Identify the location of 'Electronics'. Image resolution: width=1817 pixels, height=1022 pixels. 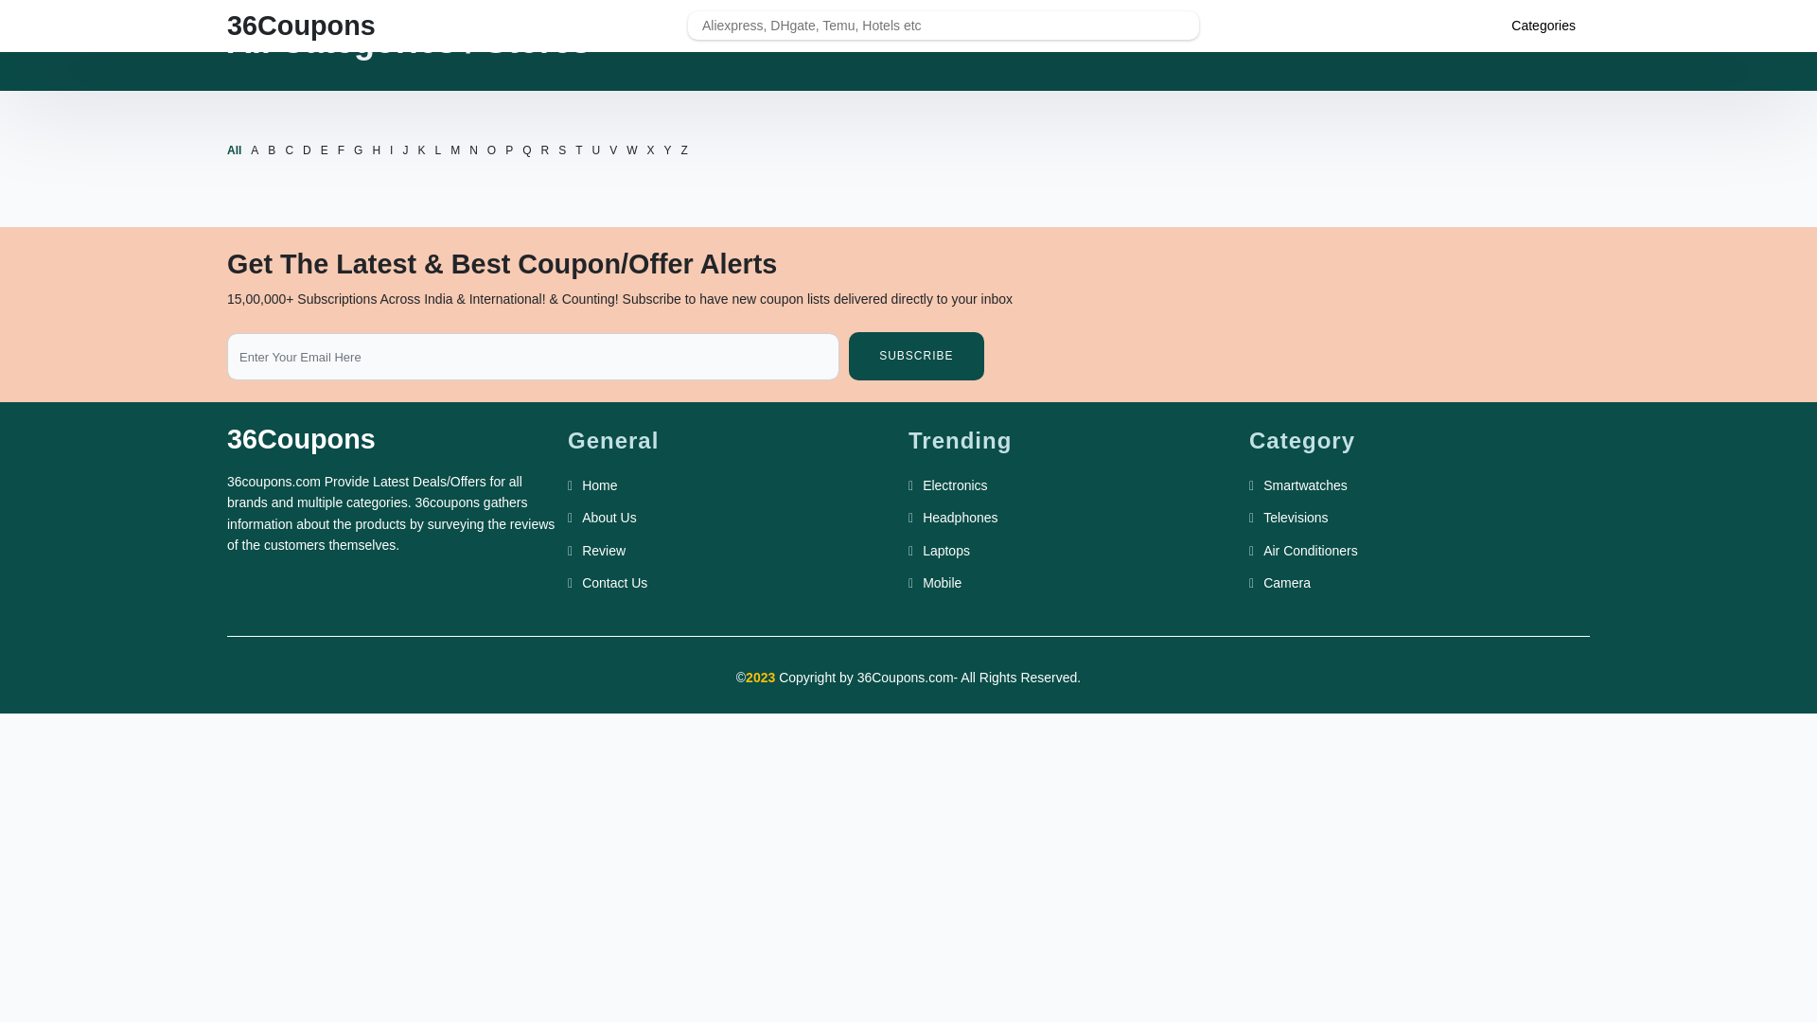
(922, 485).